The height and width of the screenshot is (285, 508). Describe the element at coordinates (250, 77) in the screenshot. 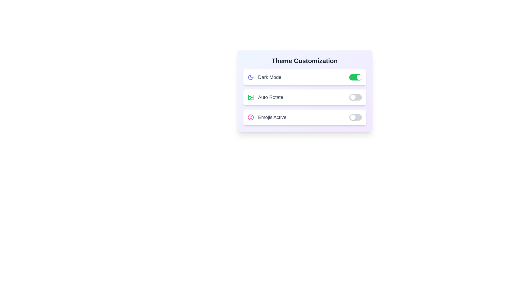

I see `the crescent moon-shaped icon that indicates the 'Dark Mode' toggle option in the 'Theme Customization' panel` at that location.